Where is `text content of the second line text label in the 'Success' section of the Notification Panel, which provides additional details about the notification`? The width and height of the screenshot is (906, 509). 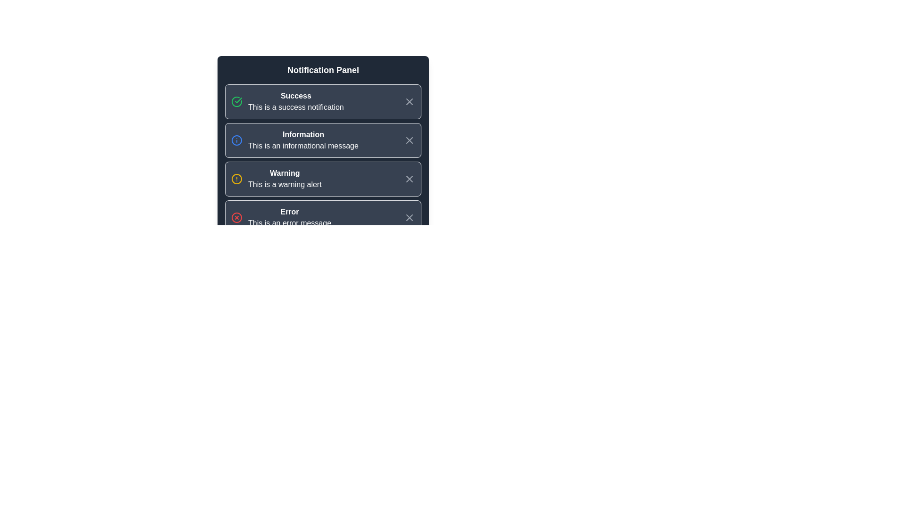 text content of the second line text label in the 'Success' section of the Notification Panel, which provides additional details about the notification is located at coordinates (295, 107).